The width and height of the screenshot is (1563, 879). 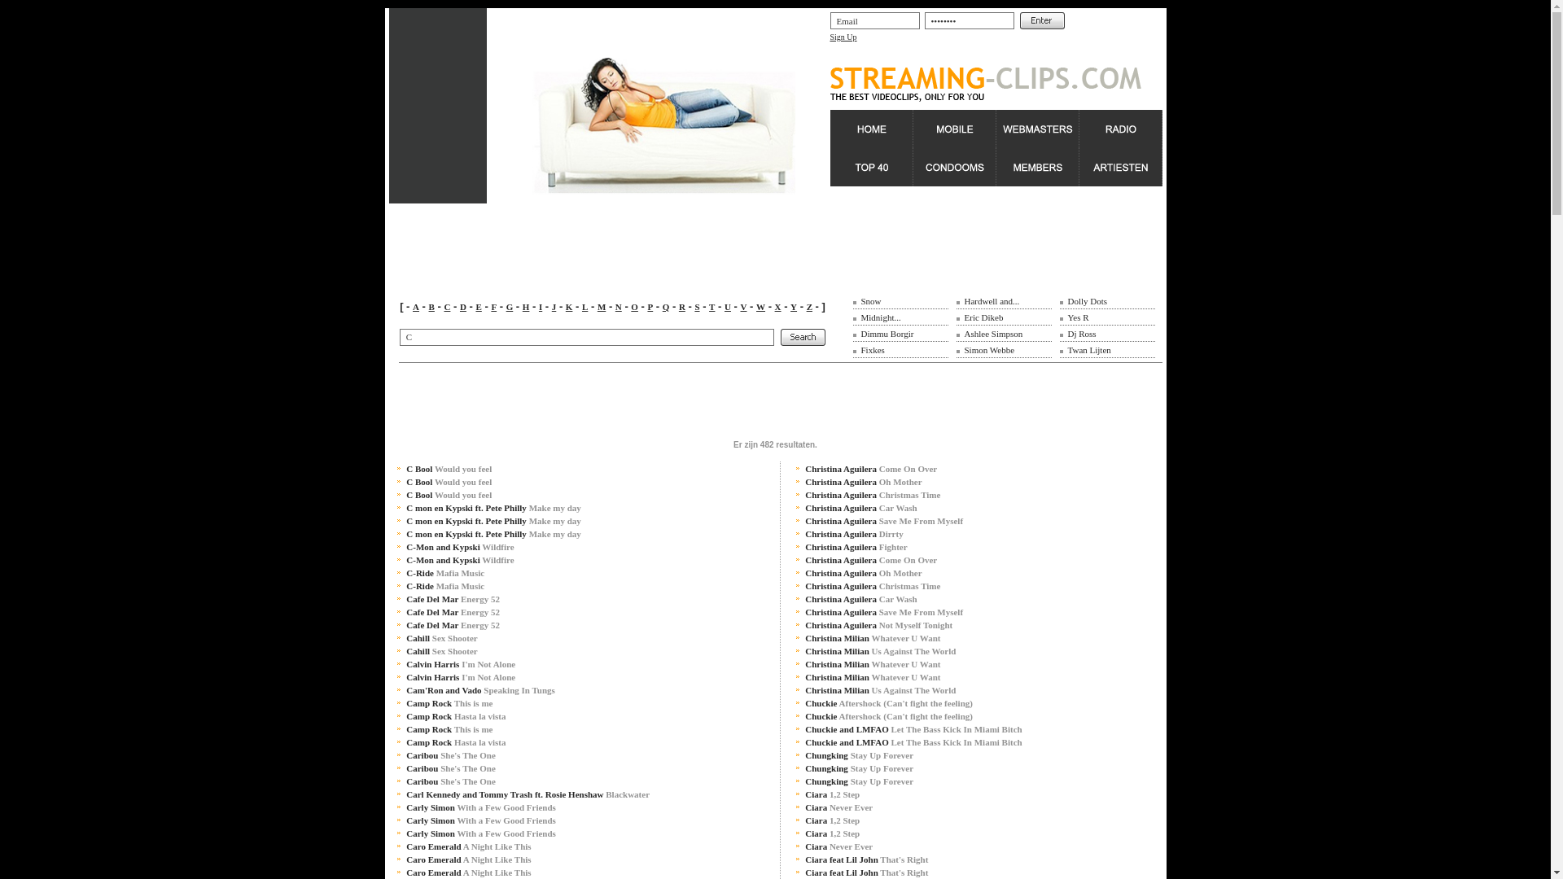 I want to click on 'Snow', so click(x=870, y=301).